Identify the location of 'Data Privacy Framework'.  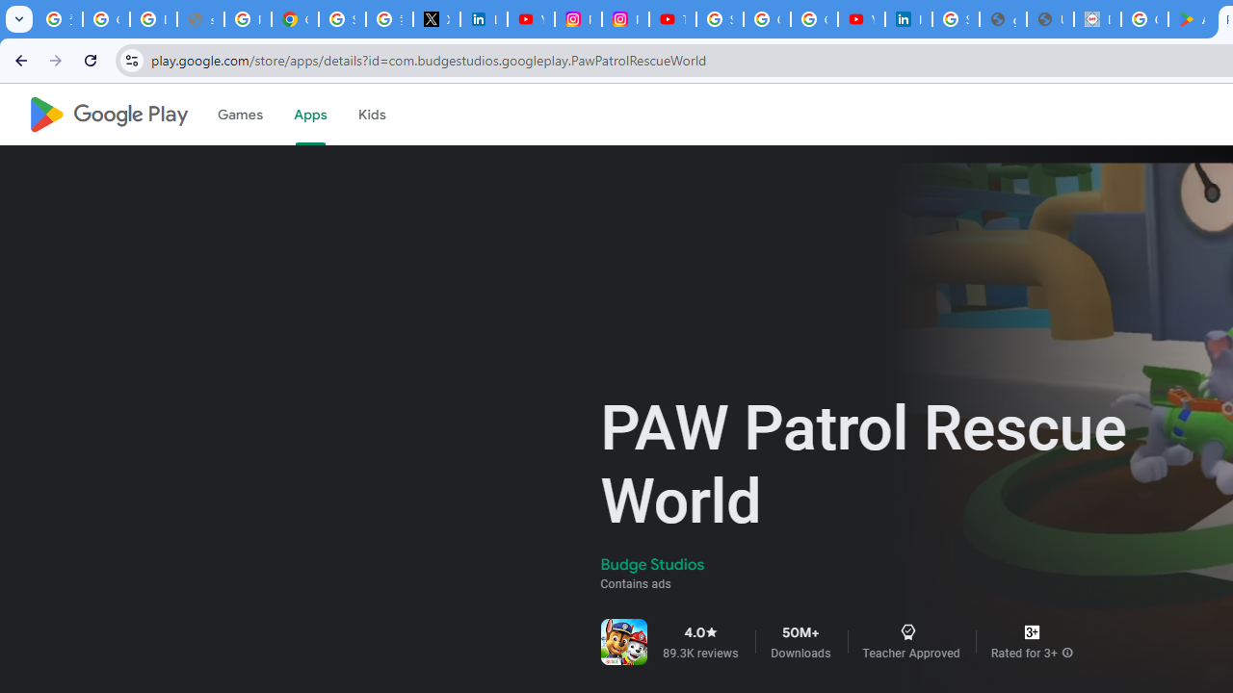
(1097, 19).